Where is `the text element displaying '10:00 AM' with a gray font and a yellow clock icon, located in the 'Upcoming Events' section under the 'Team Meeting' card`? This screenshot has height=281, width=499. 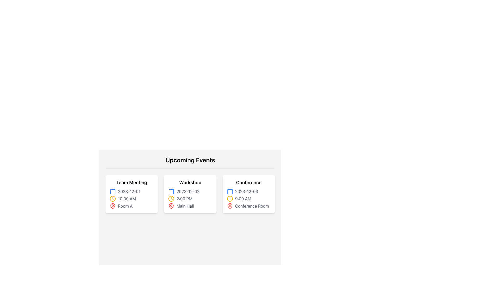
the text element displaying '10:00 AM' with a gray font and a yellow clock icon, located in the 'Upcoming Events' section under the 'Team Meeting' card is located at coordinates (132, 199).